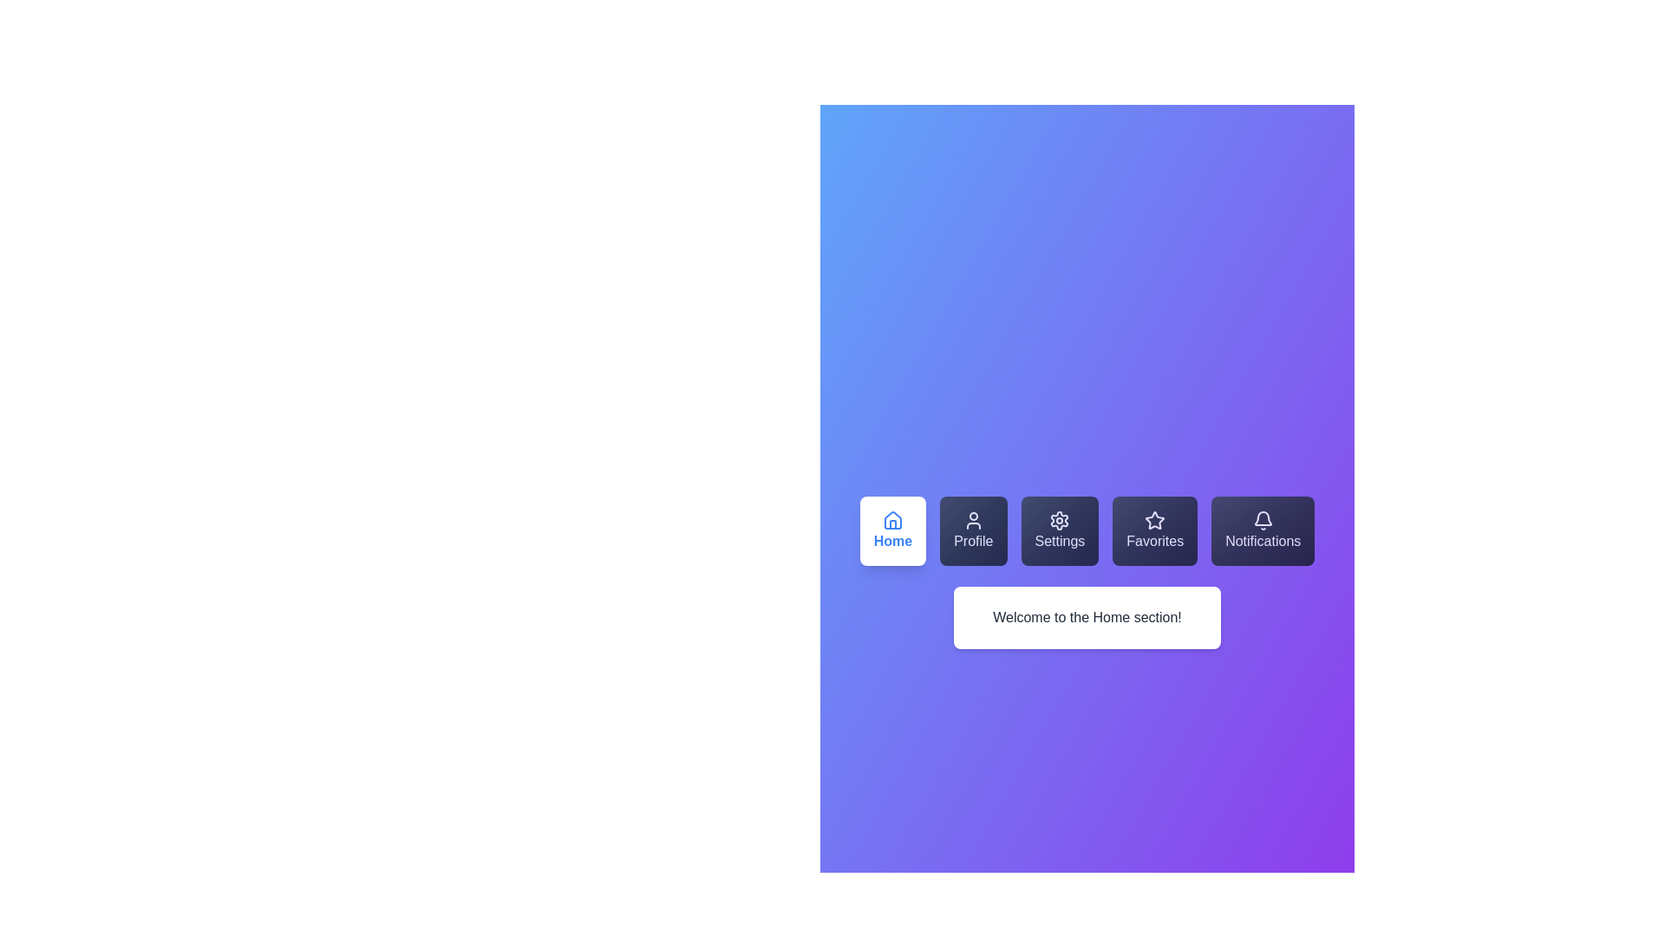 This screenshot has width=1665, height=936. Describe the element at coordinates (1263, 540) in the screenshot. I see `the notifications text label component, which is the last item in the horizontal navigation list located at the lower center section of the interface, adjacent to the 'Favorites' button` at that location.